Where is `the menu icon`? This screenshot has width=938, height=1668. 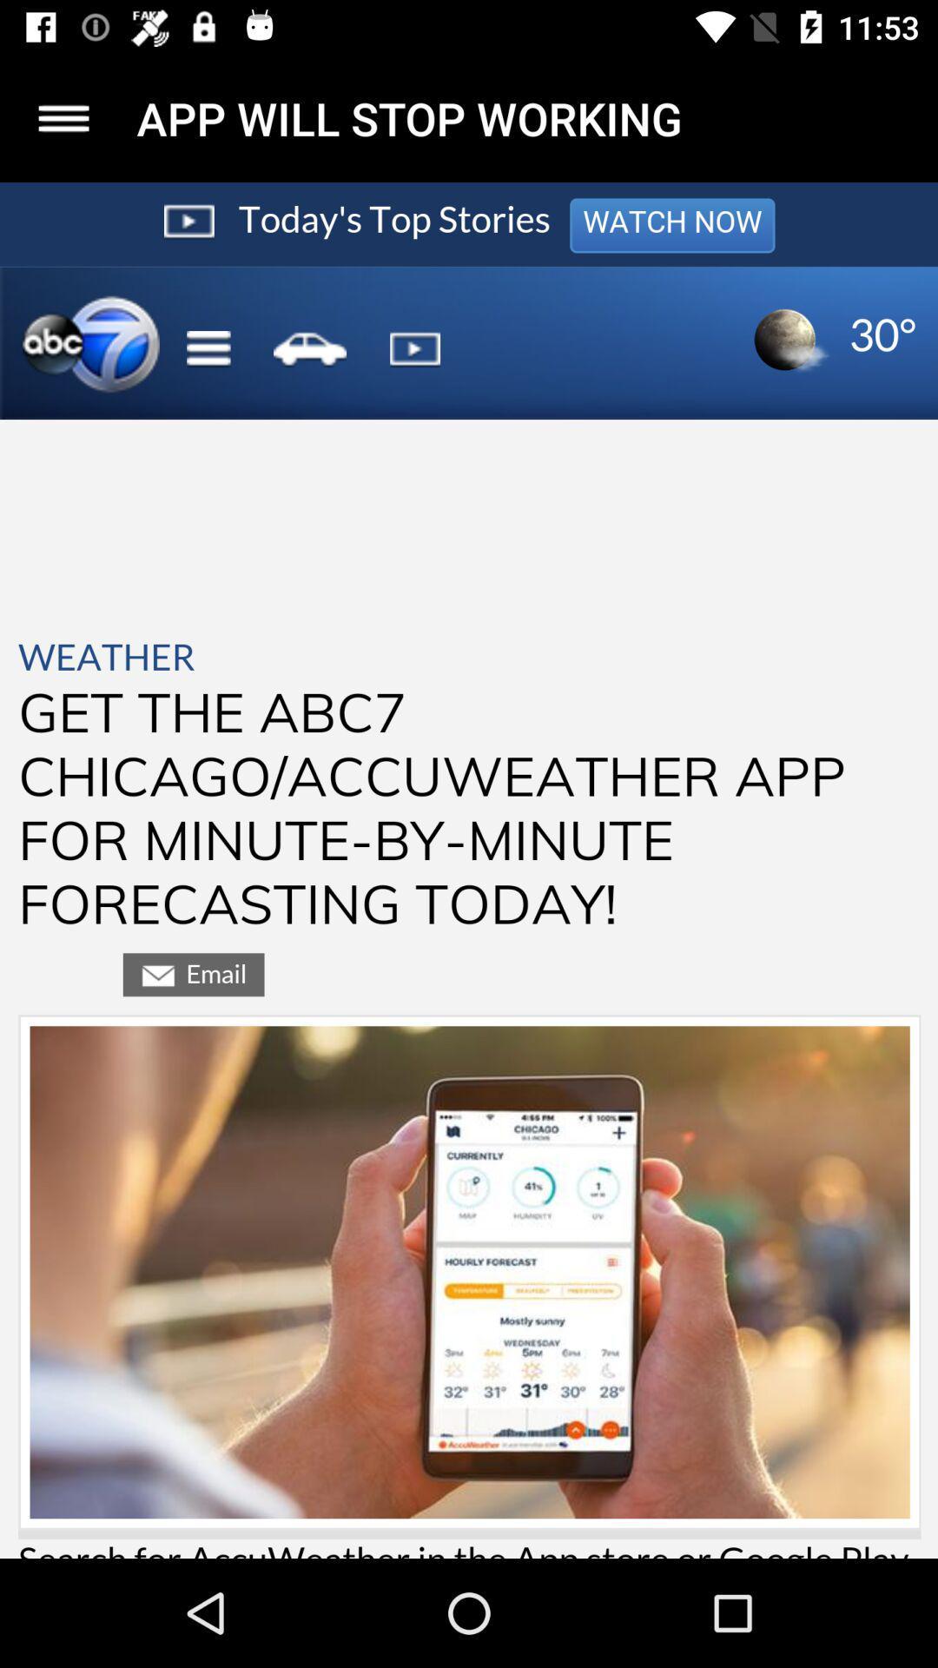
the menu icon is located at coordinates (63, 117).